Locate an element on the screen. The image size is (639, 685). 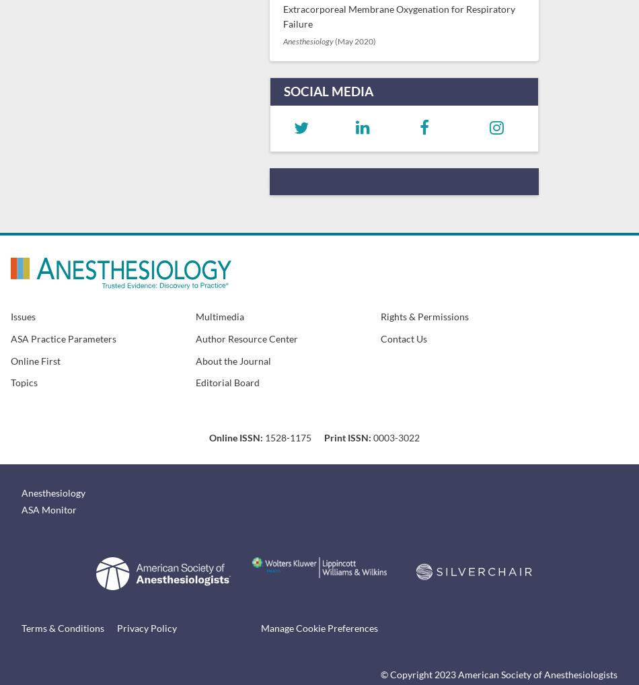
'About the Journal' is located at coordinates (233, 359).